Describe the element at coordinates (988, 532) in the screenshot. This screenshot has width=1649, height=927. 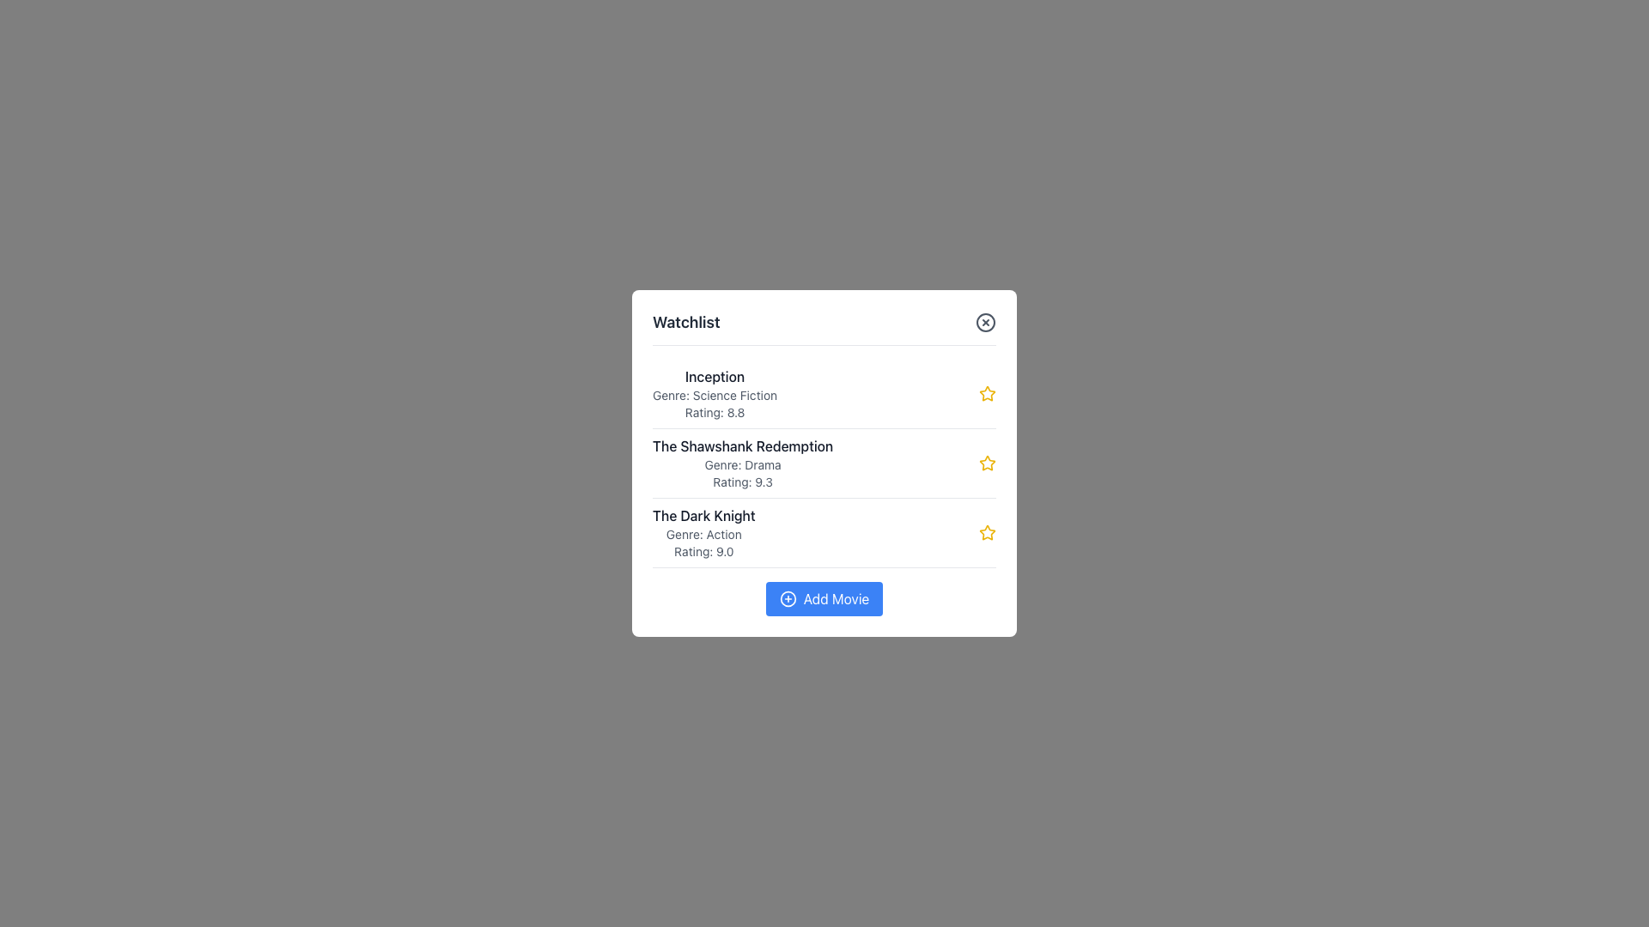
I see `the interactive yellow star icon at the end of the movie details for 'The Dark Knight' to rate it` at that location.